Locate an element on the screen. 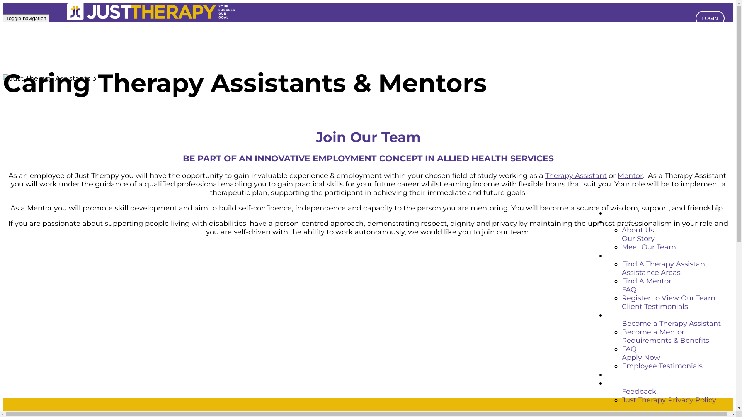 Image resolution: width=742 pixels, height=417 pixels. 'Register to View Our Team' is located at coordinates (668, 297).